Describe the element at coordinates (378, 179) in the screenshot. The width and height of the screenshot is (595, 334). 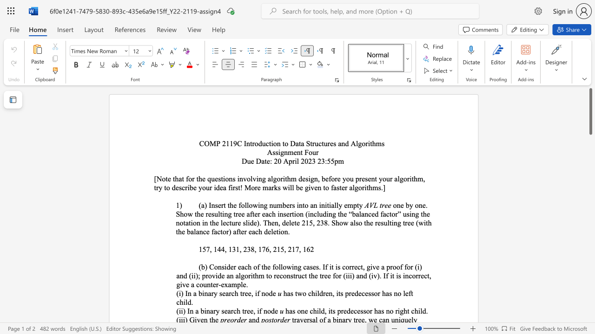
I see `the subset text "your algorithm, try to describe your idea first! More ma" within the text "[Note that for the questions involving algorithm design, before you present your algorithm, try to describe your idea first! More marks will be given to faster algorithms.]"` at that location.